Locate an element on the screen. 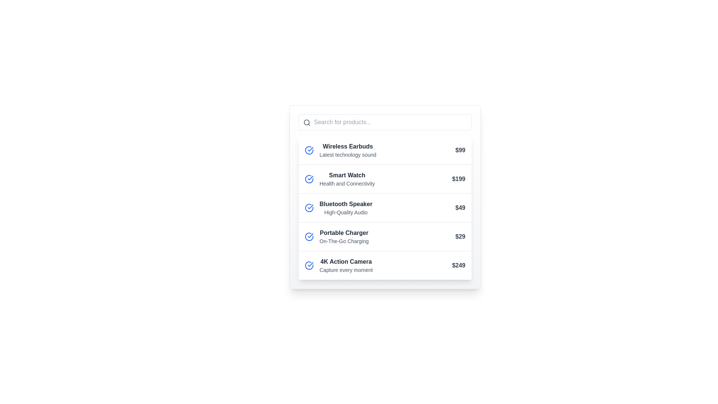  the graphical checkmark icon with a blue outline and white fill, located within a circular frame to the left of the '4K Action Camera' product in the list is located at coordinates (310, 264).